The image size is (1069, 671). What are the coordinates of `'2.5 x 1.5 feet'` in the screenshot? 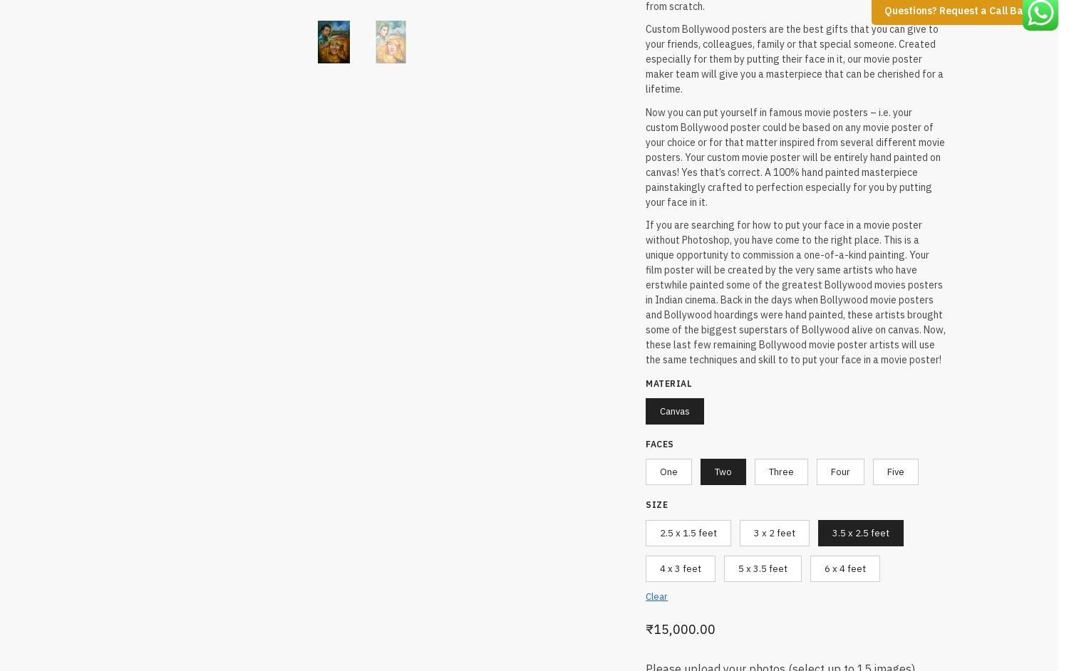 It's located at (659, 529).